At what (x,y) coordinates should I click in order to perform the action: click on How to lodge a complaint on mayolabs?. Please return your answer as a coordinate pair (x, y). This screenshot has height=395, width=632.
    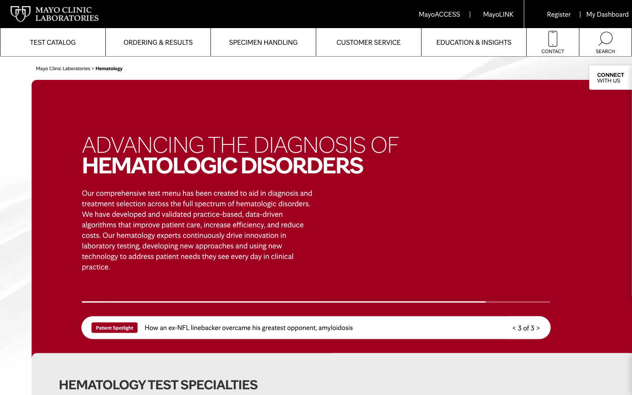
    Looking at the image, I should click on (368, 42).